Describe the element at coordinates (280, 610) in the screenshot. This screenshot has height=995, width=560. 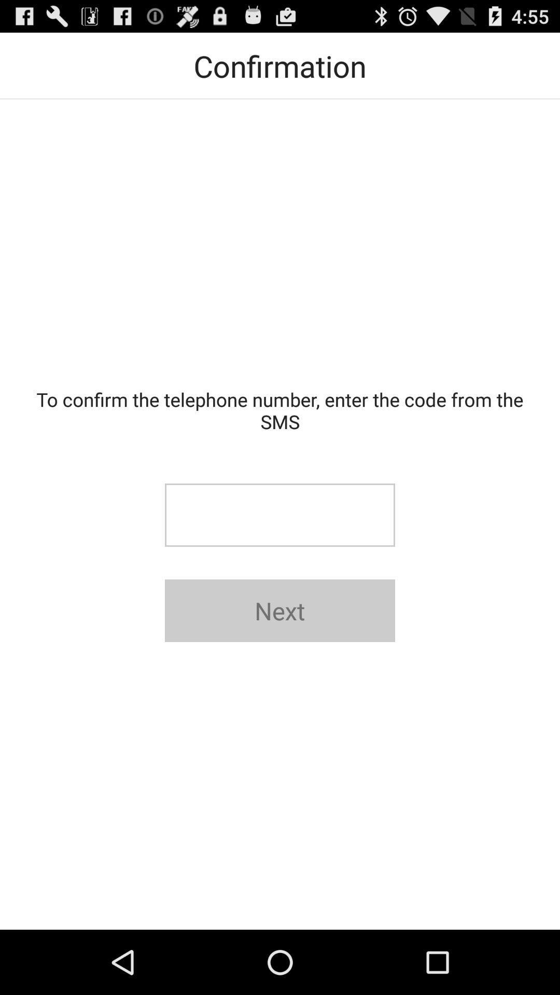
I see `the next item` at that location.